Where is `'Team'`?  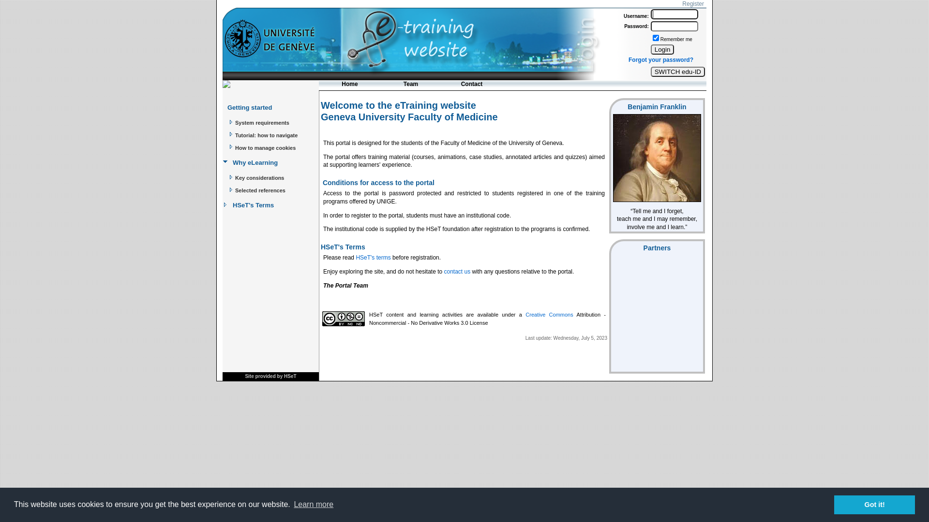 'Team' is located at coordinates (411, 85).